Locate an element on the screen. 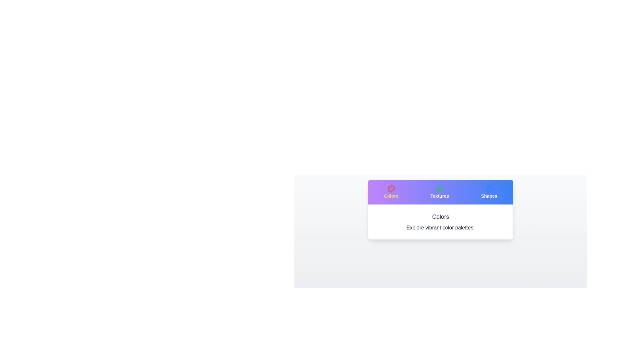 The width and height of the screenshot is (623, 350). the tab labeled Colors is located at coordinates (390, 192).